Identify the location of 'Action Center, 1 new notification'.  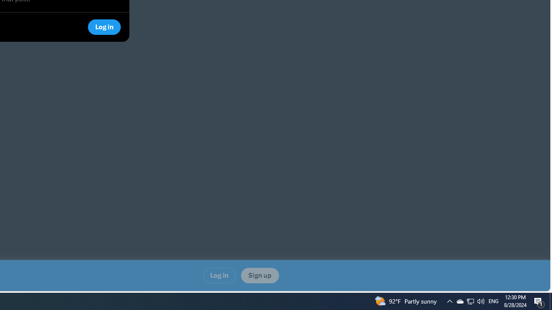
(539, 301).